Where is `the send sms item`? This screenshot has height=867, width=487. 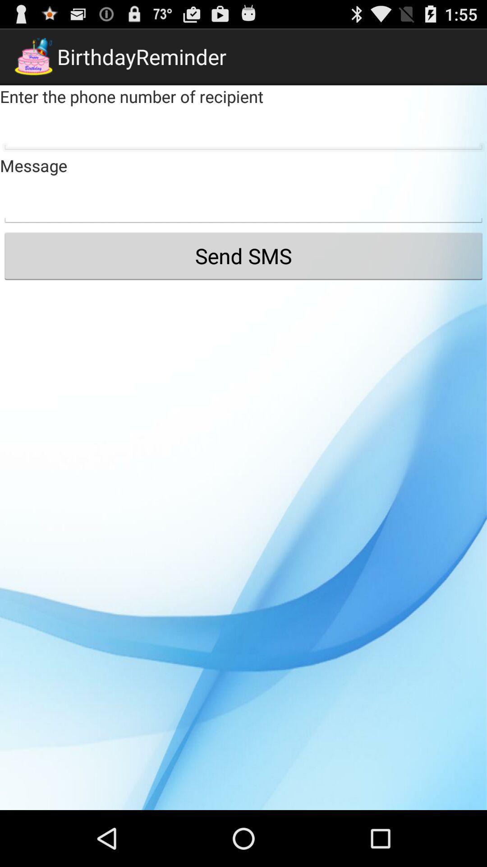
the send sms item is located at coordinates (243, 255).